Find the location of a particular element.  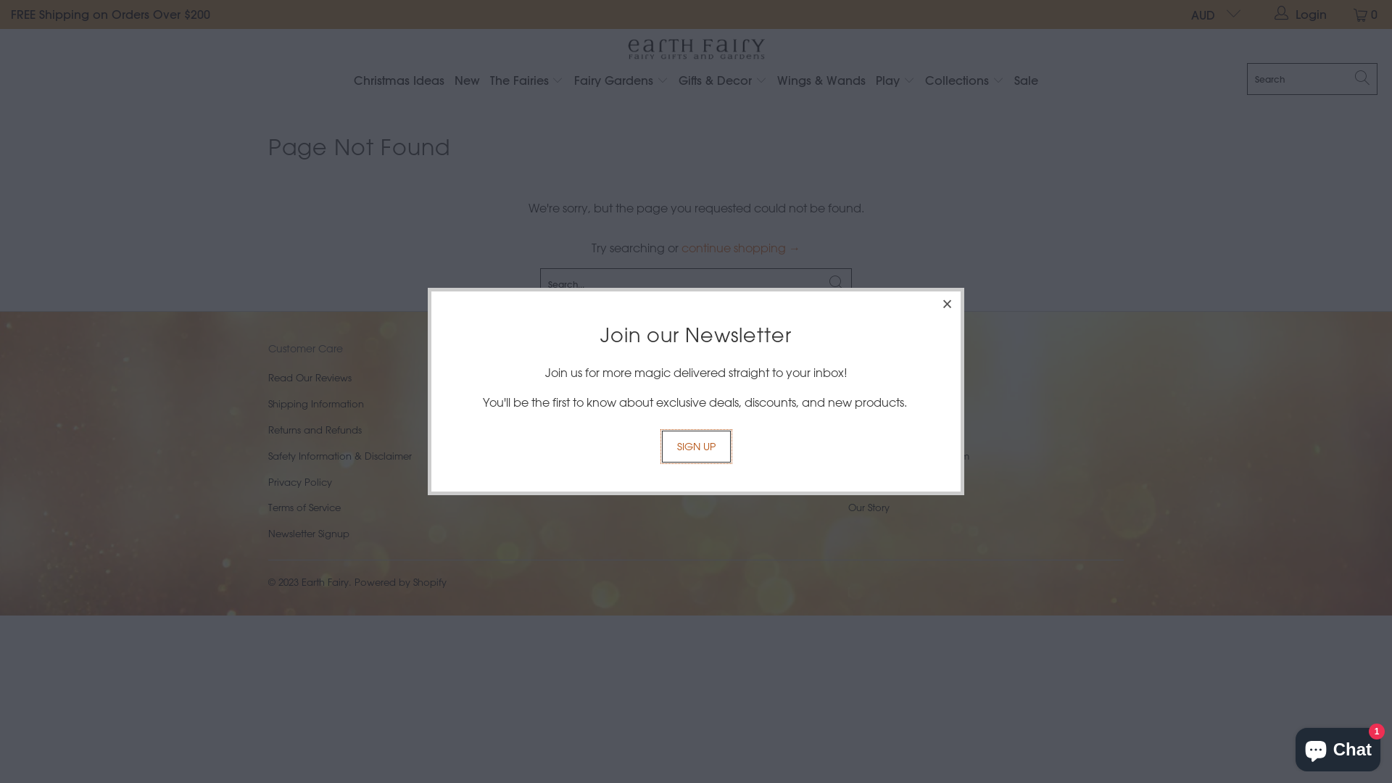

'Earth Fairy' is located at coordinates (695, 49).